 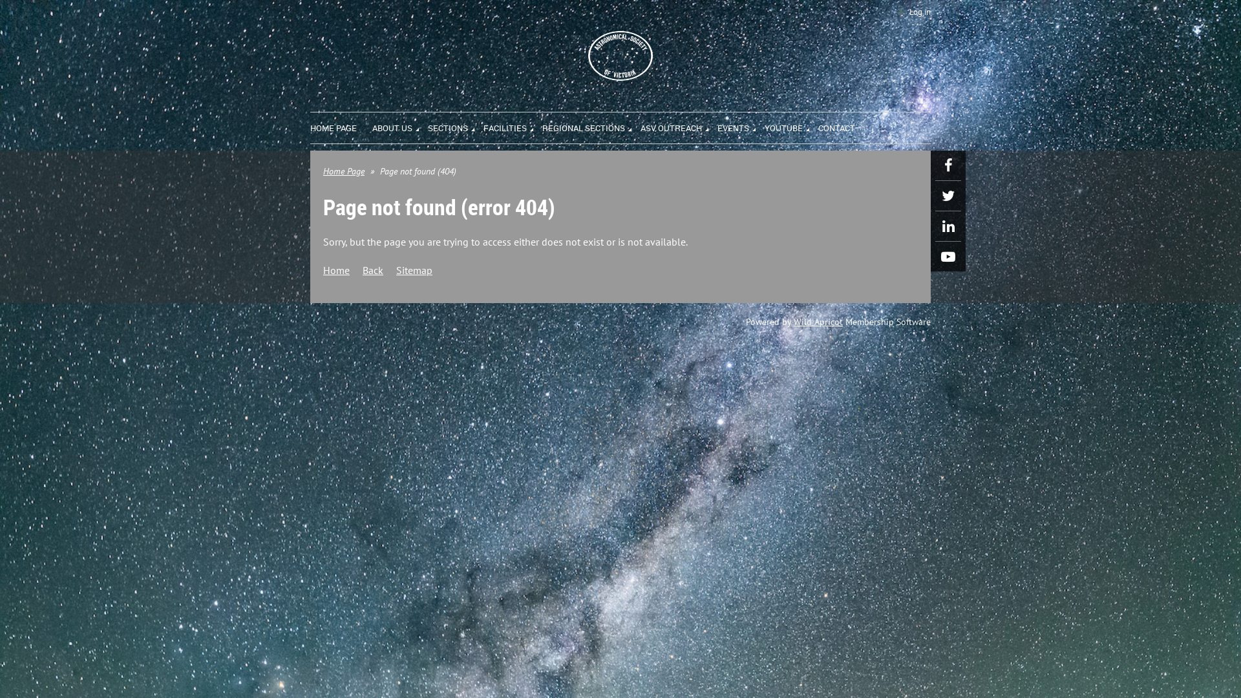 I want to click on 'Facebook', so click(x=935, y=164).